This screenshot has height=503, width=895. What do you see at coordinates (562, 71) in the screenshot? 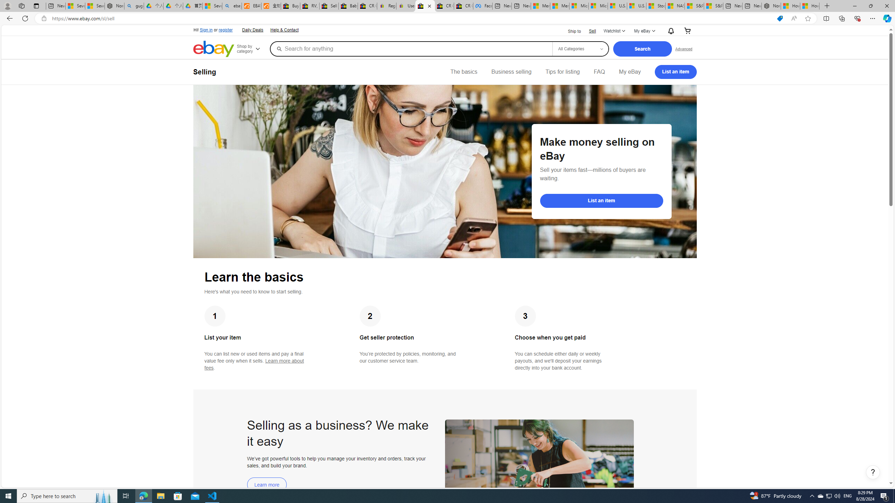
I see `'Tips for listing'` at bounding box center [562, 71].